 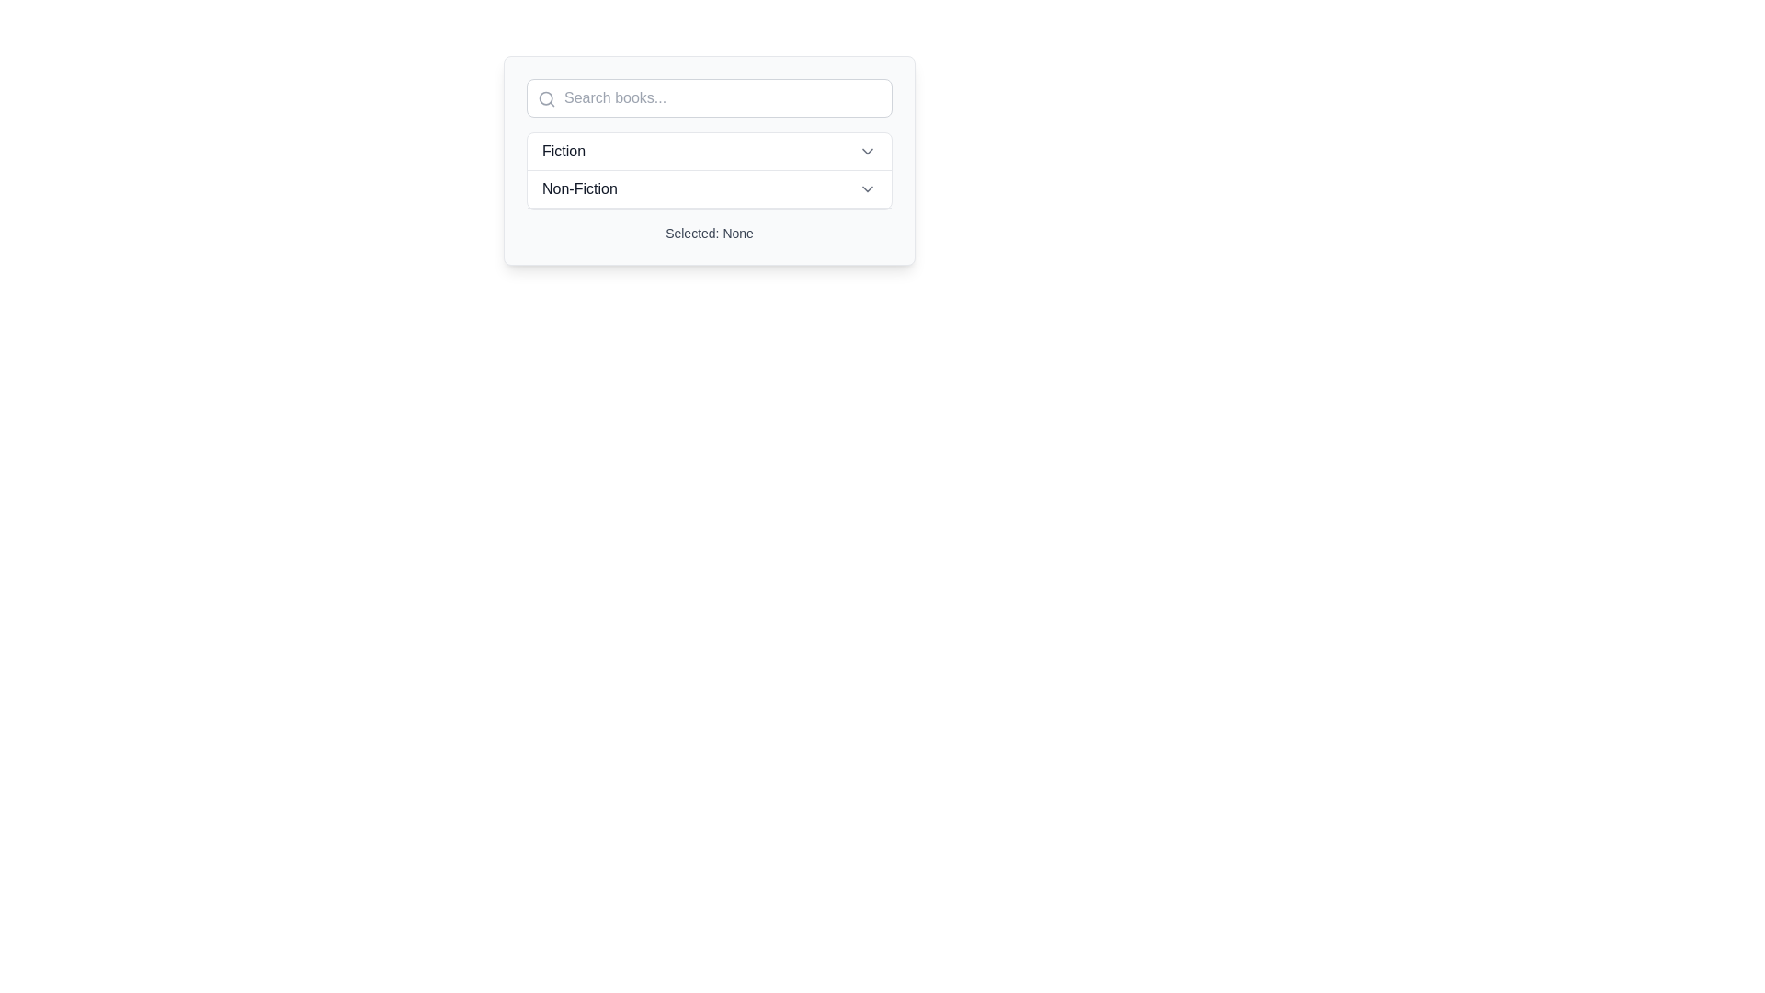 What do you see at coordinates (545, 98) in the screenshot?
I see `the decorative SVG circle element that forms the lens of the magnifying glass icon located at the top-left corner of the search bar` at bounding box center [545, 98].